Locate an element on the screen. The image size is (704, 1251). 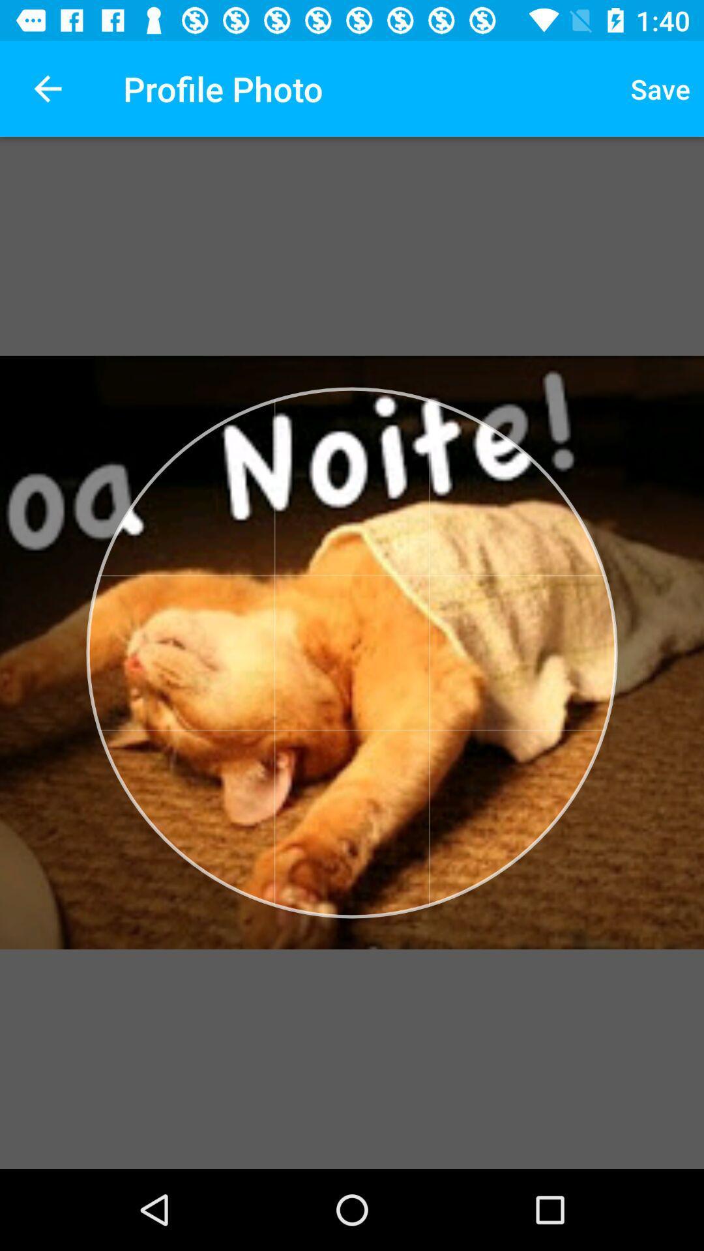
icon next to the profile photo icon is located at coordinates (47, 88).